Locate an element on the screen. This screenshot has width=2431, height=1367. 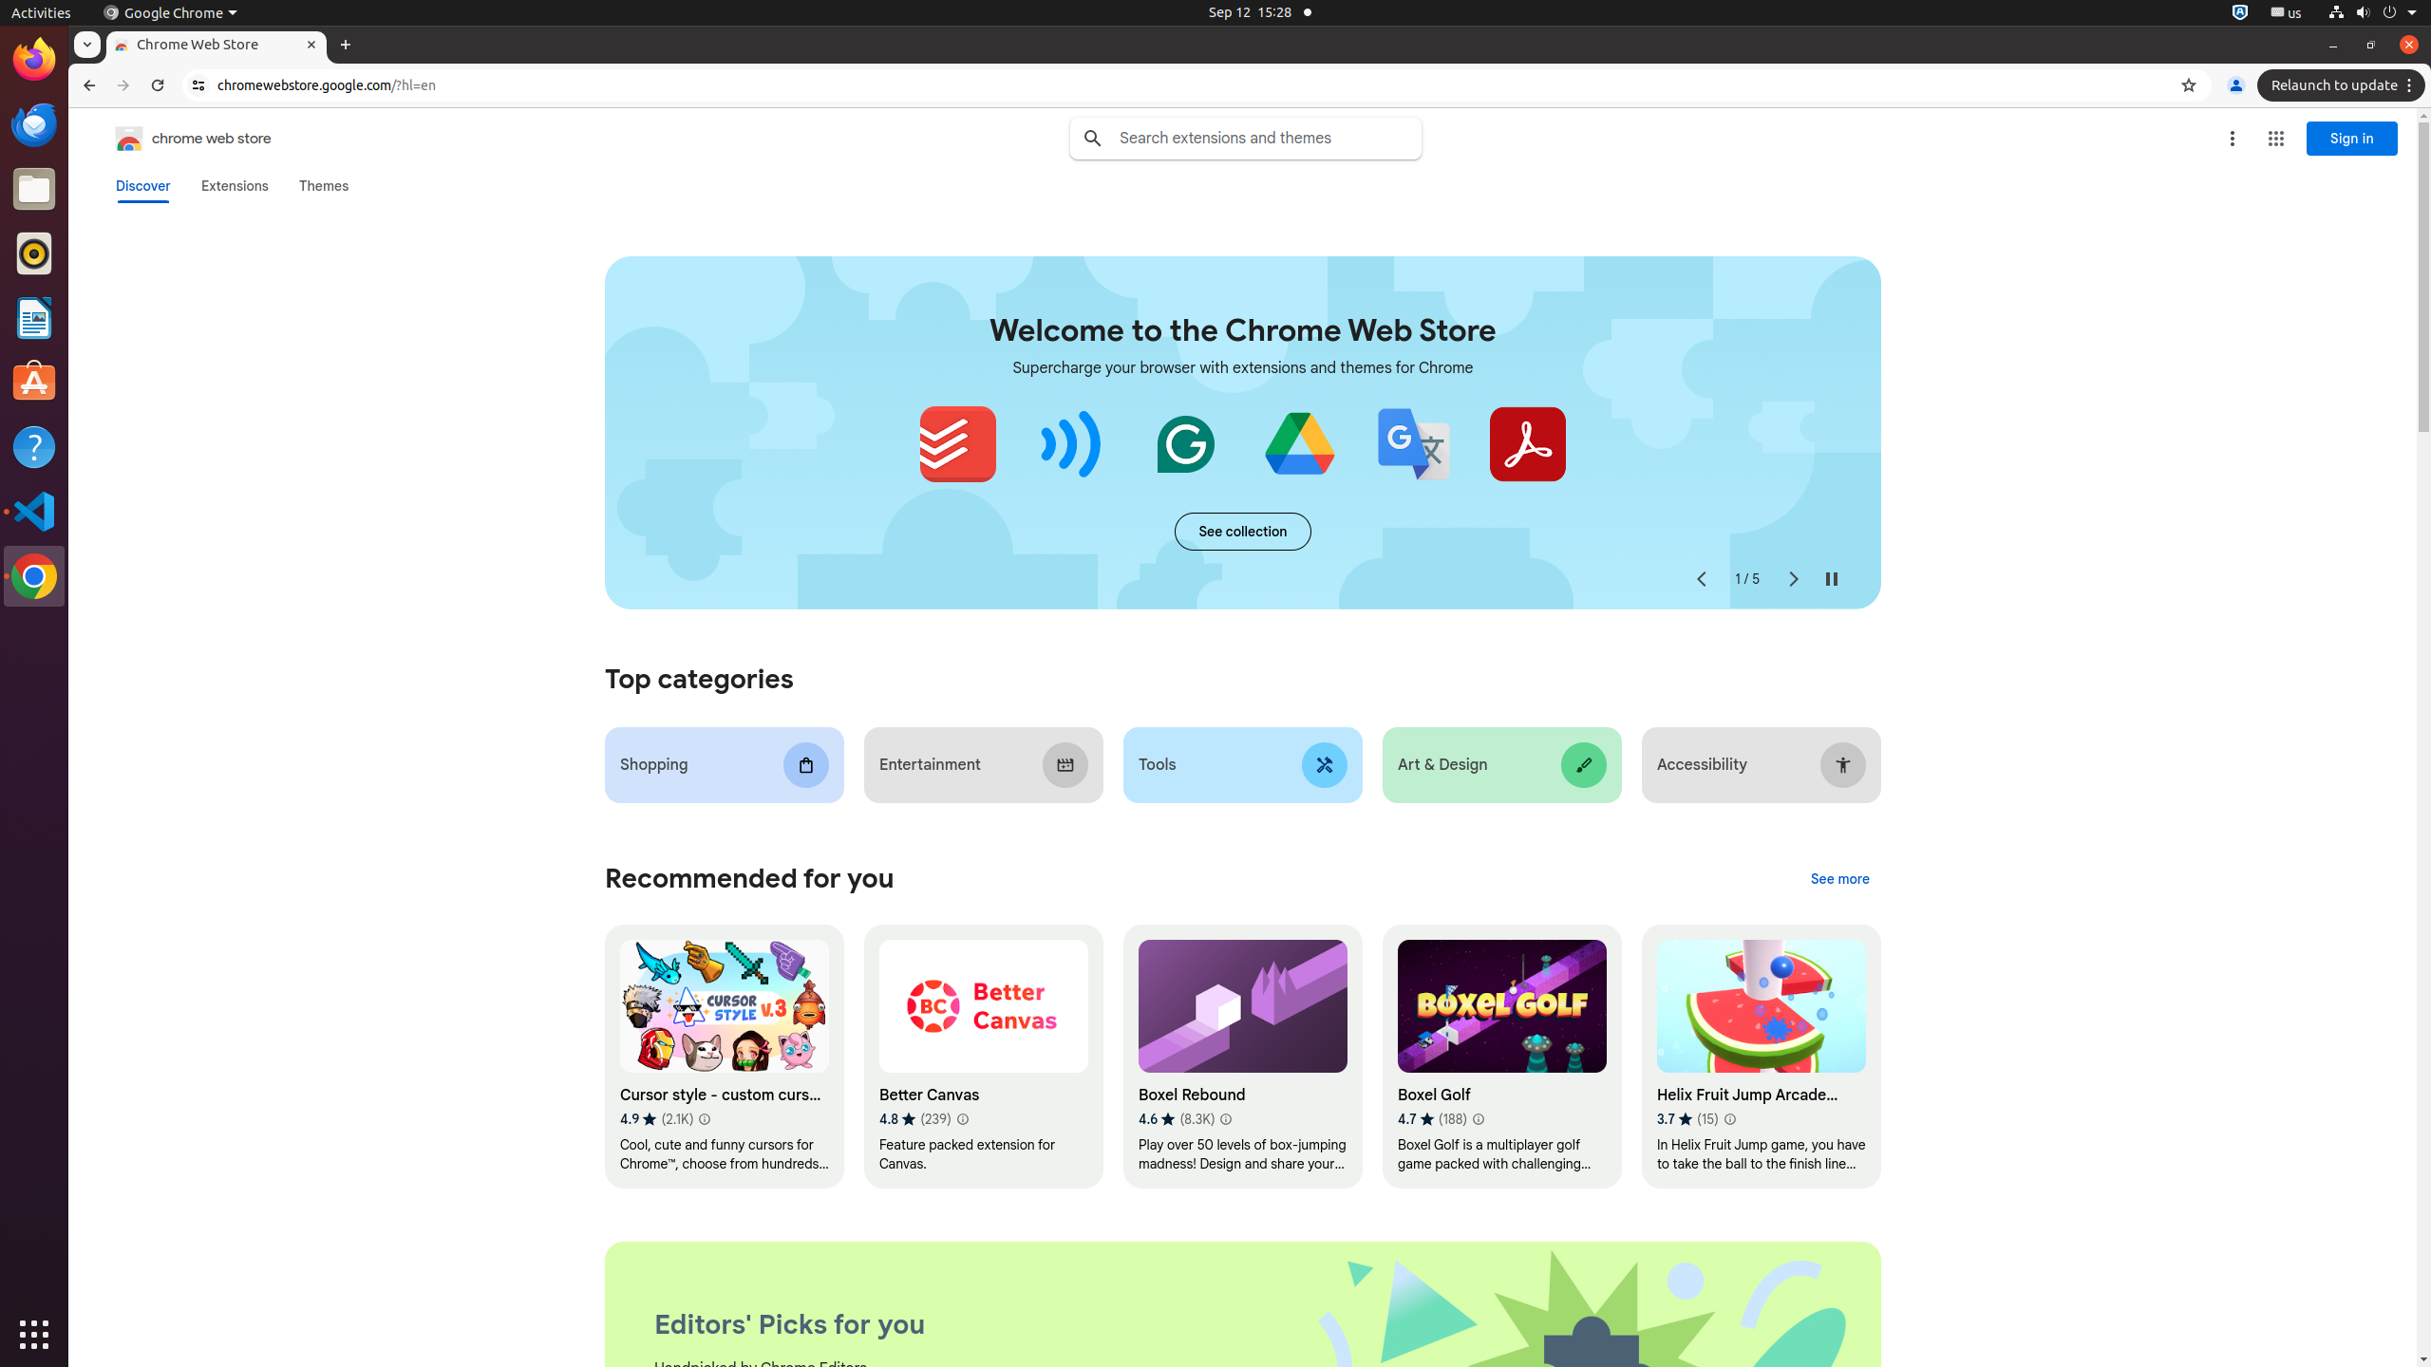
'Learn more about results and reviews "Boxel Rebound"' is located at coordinates (1224, 1119).